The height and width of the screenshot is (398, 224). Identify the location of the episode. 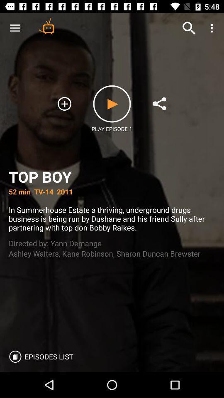
(112, 103).